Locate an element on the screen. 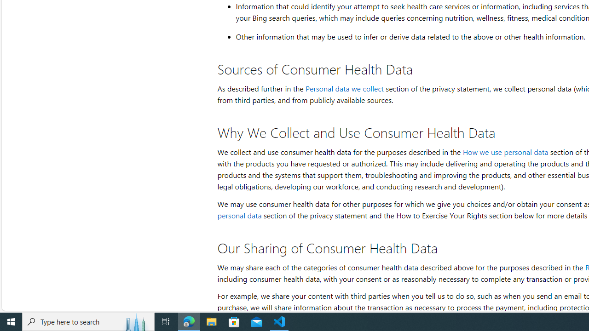 This screenshot has height=331, width=589. 'Personal data we collect' is located at coordinates (344, 88).